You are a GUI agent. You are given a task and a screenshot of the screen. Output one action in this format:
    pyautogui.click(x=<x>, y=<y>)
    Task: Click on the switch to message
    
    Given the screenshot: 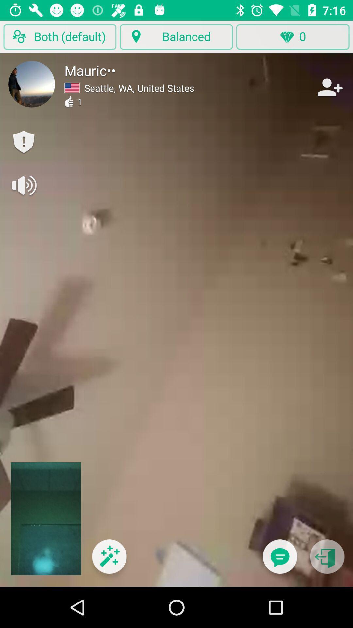 What is the action you would take?
    pyautogui.click(x=279, y=560)
    